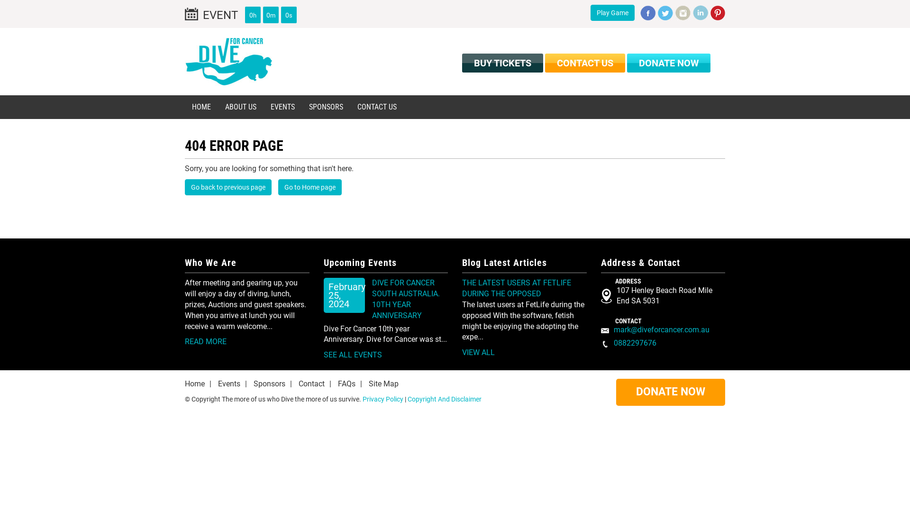 Image resolution: width=910 pixels, height=512 pixels. What do you see at coordinates (205, 341) in the screenshot?
I see `'READ MORE'` at bounding box center [205, 341].